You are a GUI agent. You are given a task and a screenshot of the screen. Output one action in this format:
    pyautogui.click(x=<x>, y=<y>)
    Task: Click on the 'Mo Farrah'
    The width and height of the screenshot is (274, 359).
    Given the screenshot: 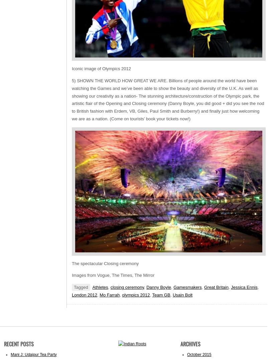 What is the action you would take?
    pyautogui.click(x=109, y=294)
    